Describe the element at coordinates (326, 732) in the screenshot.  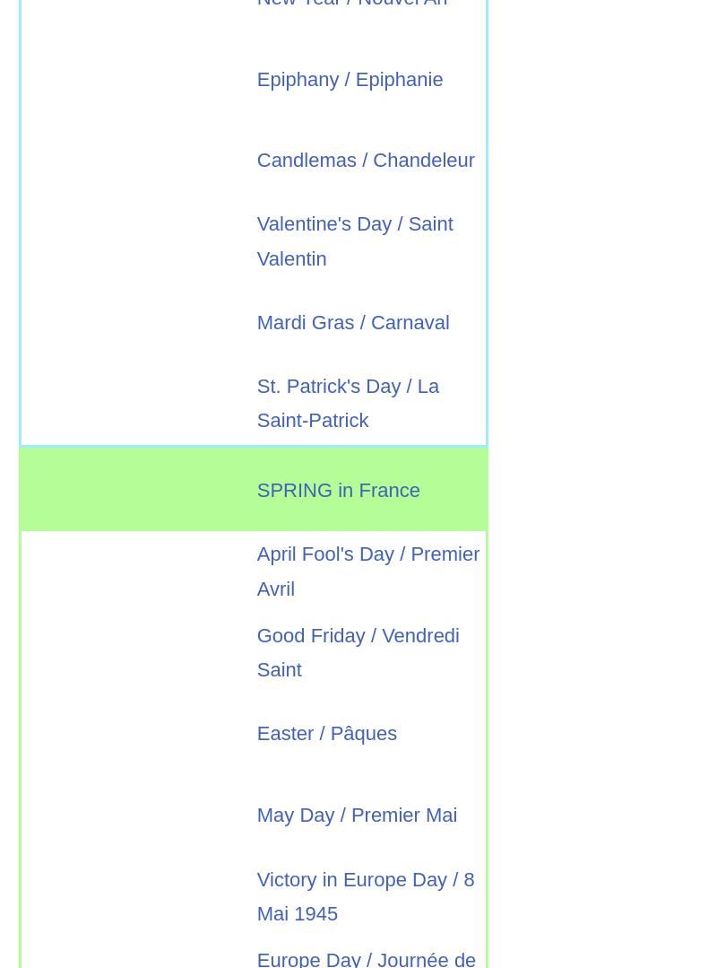
I see `'Easter / Pâques'` at that location.